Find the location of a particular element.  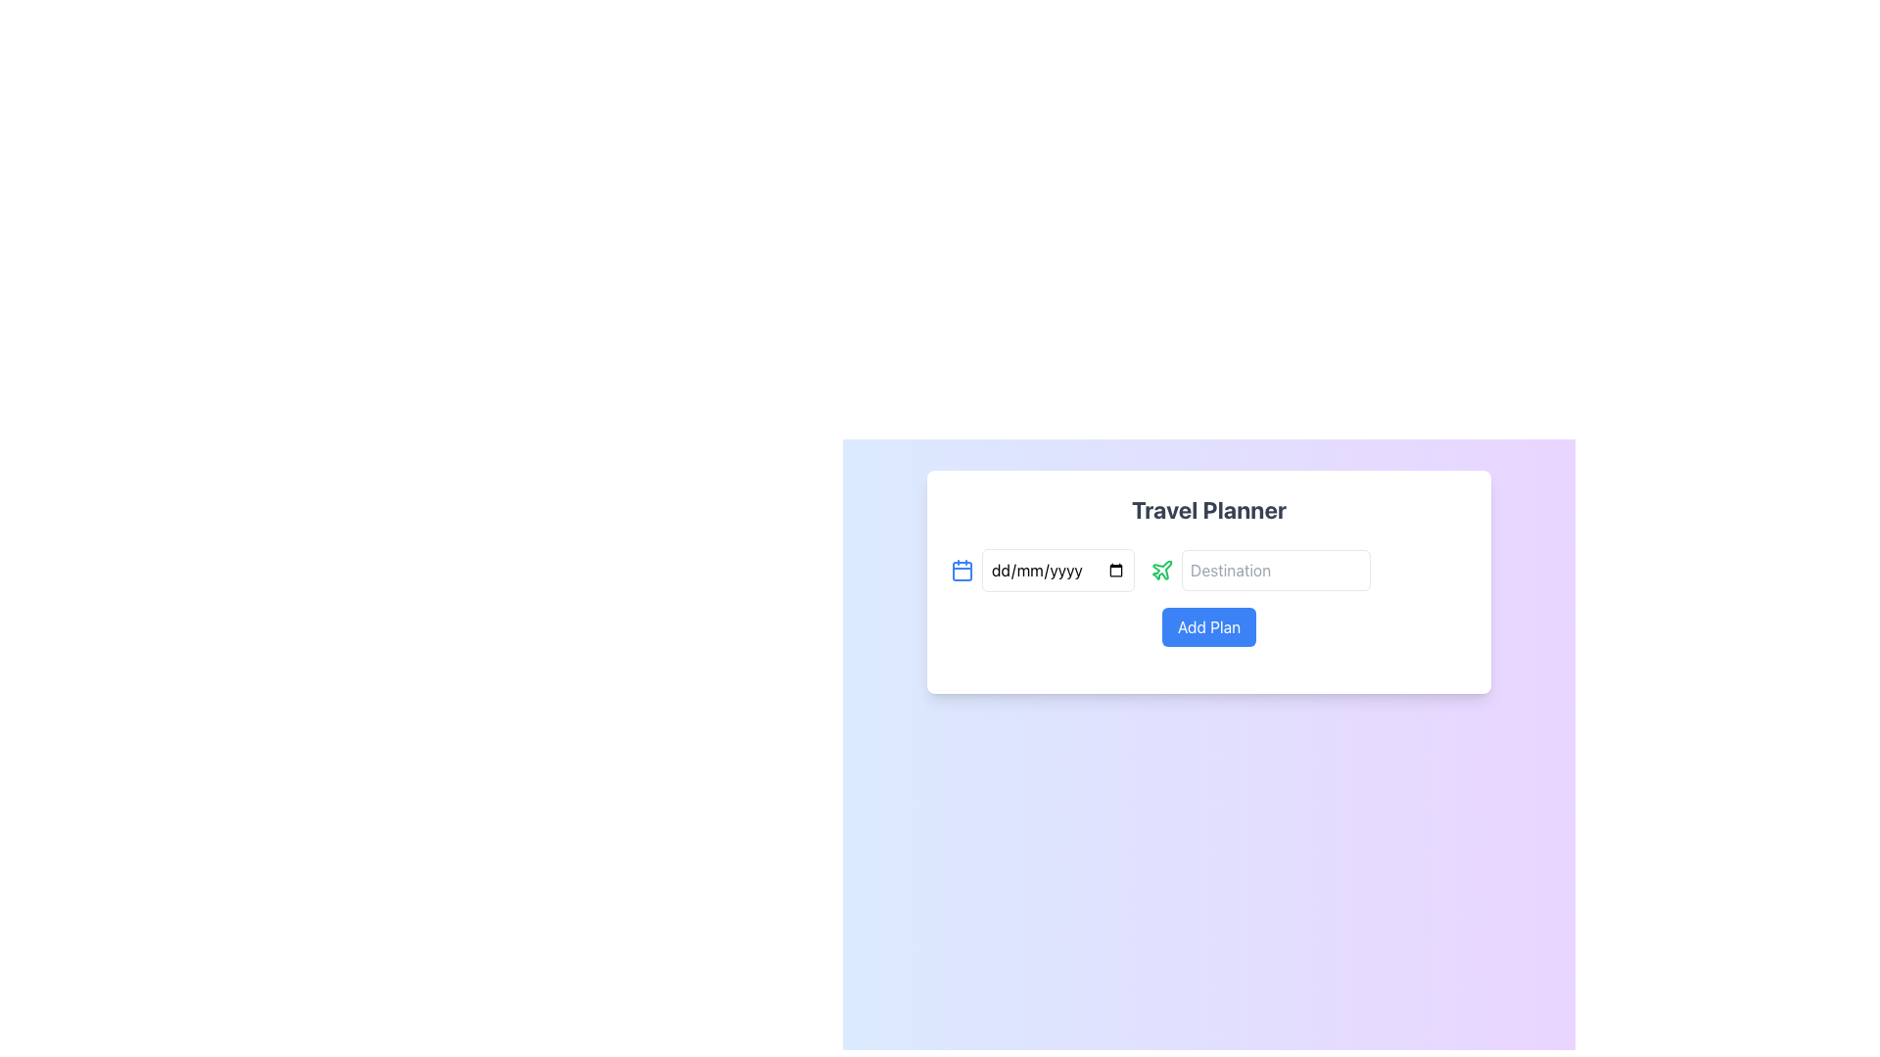

the travel-related icon located to the left of the 'Destination' text input field and to the right of the calendar icon is located at coordinates (1161, 570).